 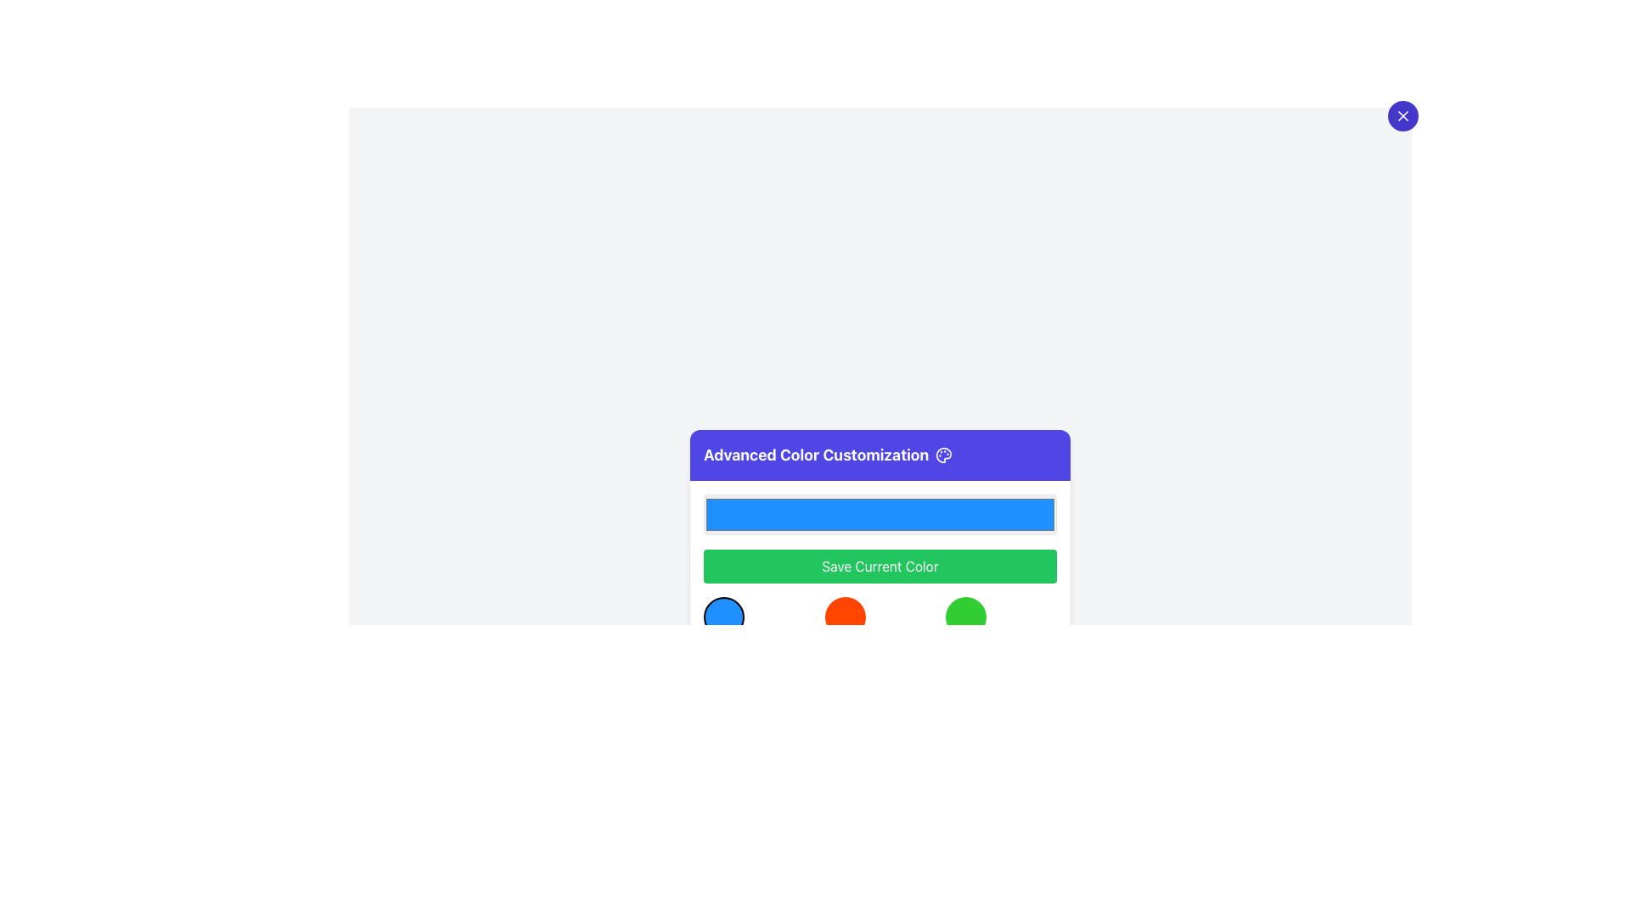 I want to click on the rectangular color input field with a blue background located in the 'Advanced Color Customization' modal, so click(x=880, y=513).